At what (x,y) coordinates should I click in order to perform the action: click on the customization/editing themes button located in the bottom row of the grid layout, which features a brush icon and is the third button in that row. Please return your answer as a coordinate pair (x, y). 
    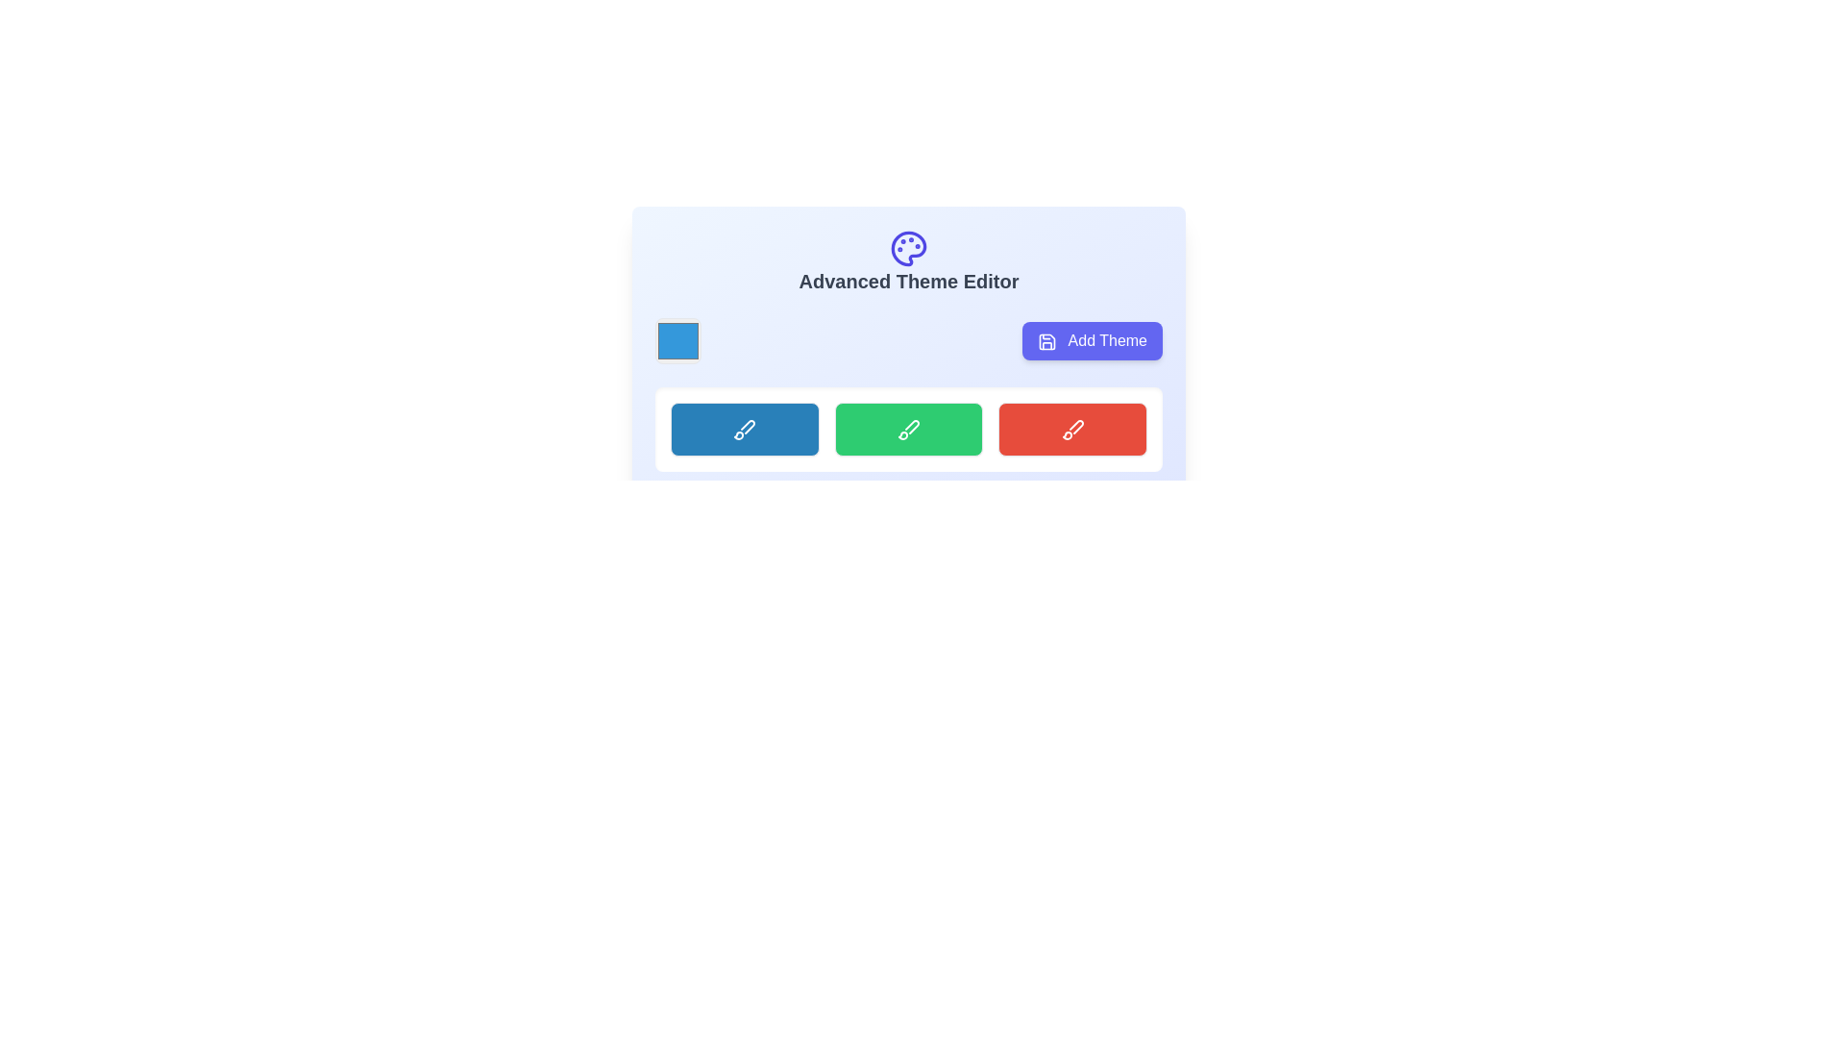
    Looking at the image, I should click on (1071, 429).